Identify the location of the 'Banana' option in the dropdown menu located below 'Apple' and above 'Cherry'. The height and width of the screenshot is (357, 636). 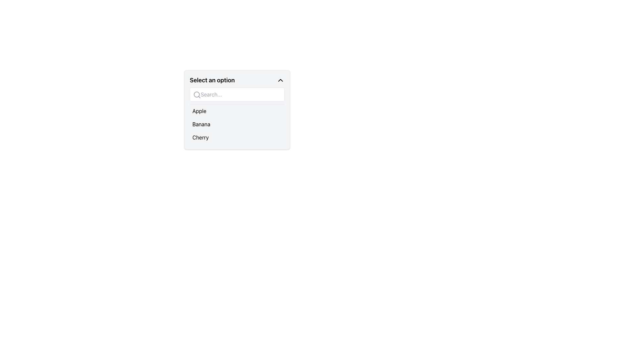
(237, 124).